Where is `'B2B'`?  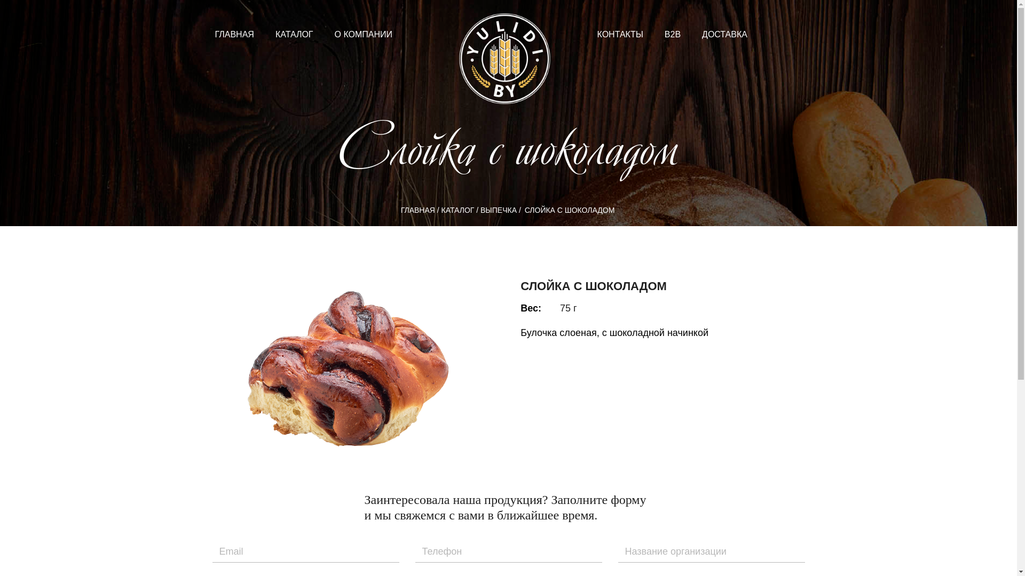 'B2B' is located at coordinates (653, 34).